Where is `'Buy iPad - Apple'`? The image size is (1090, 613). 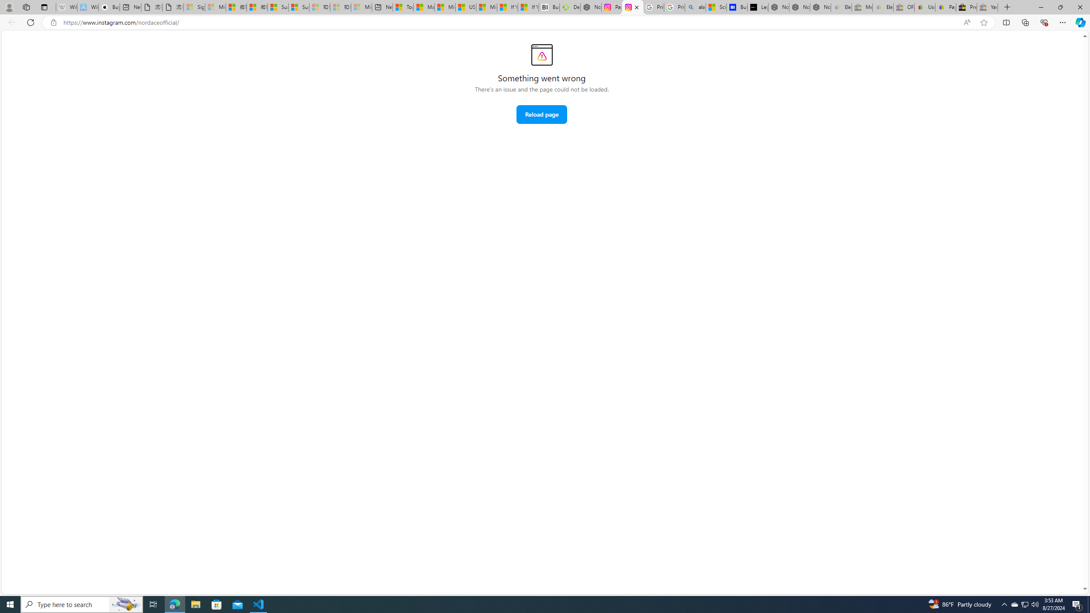
'Buy iPad - Apple' is located at coordinates (109, 7).